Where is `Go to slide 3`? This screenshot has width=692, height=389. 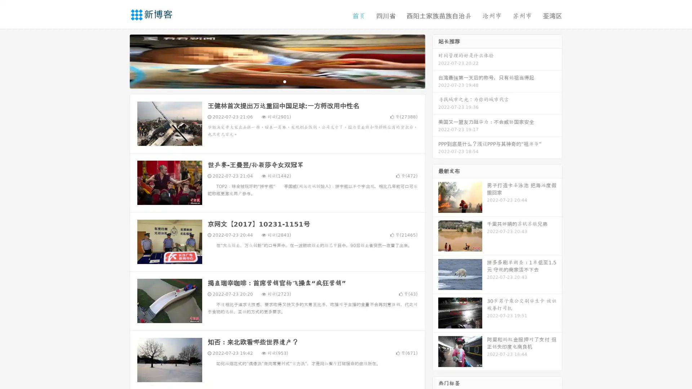 Go to slide 3 is located at coordinates (284, 81).